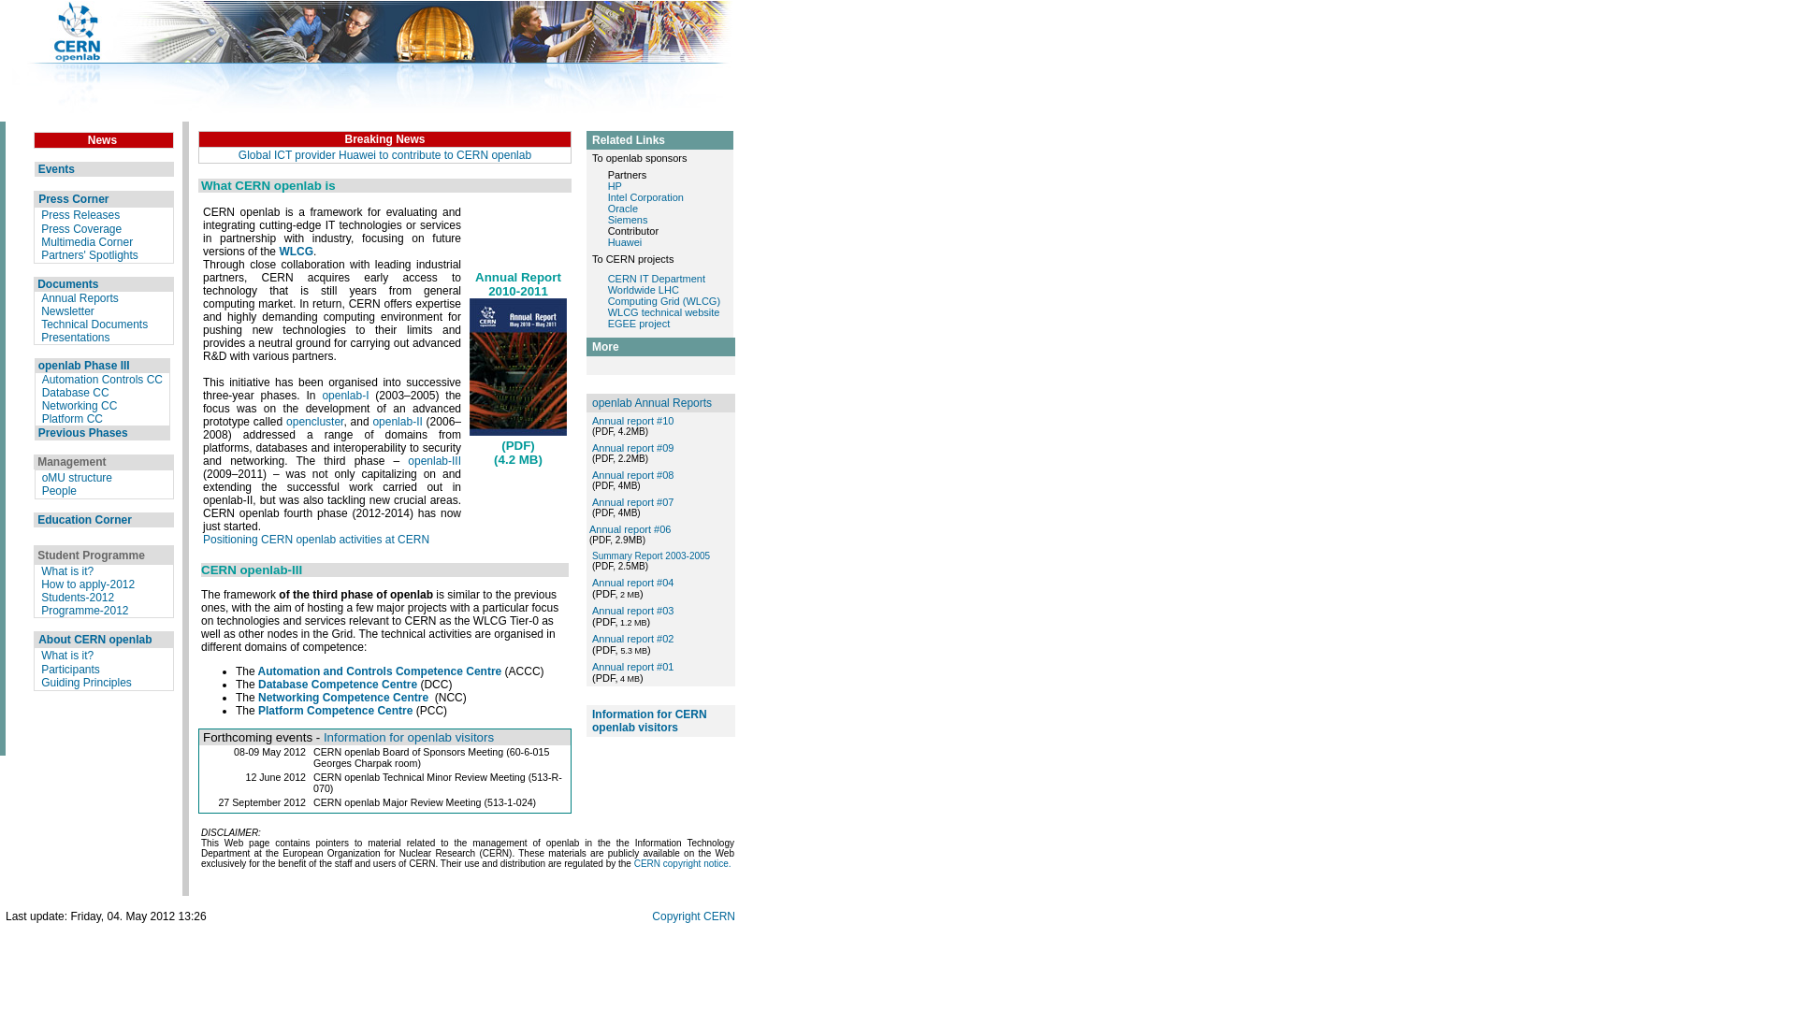 The image size is (1796, 1010). Describe the element at coordinates (632, 421) in the screenshot. I see `'Annual report #10'` at that location.